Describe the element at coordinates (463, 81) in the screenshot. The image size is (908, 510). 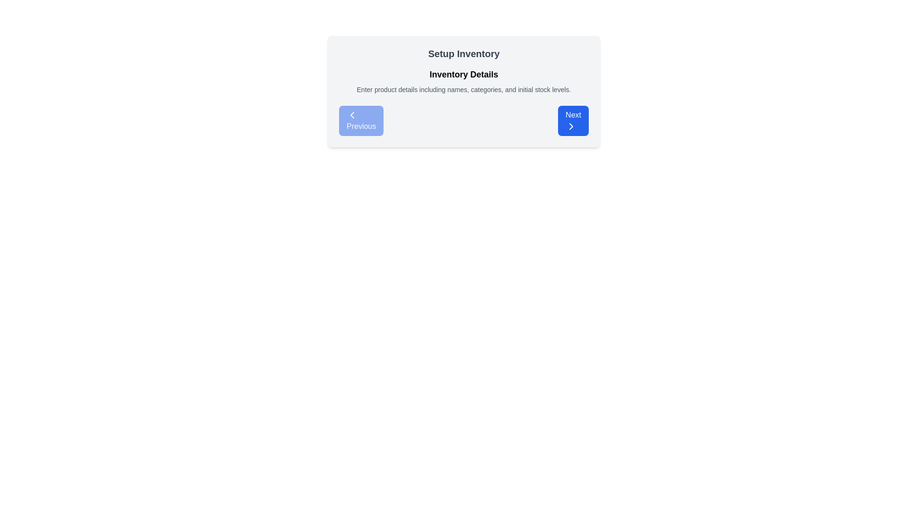
I see `the Text Display element that provides instructions for the current setup step, located below the 'Setup Inventory' heading` at that location.